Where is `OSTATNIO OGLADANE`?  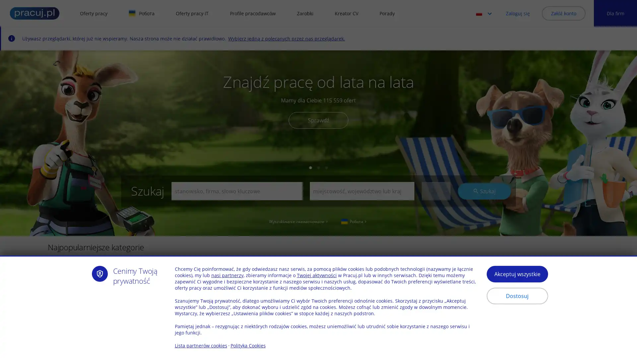 OSTATNIO OGLADANE is located at coordinates (85, 326).